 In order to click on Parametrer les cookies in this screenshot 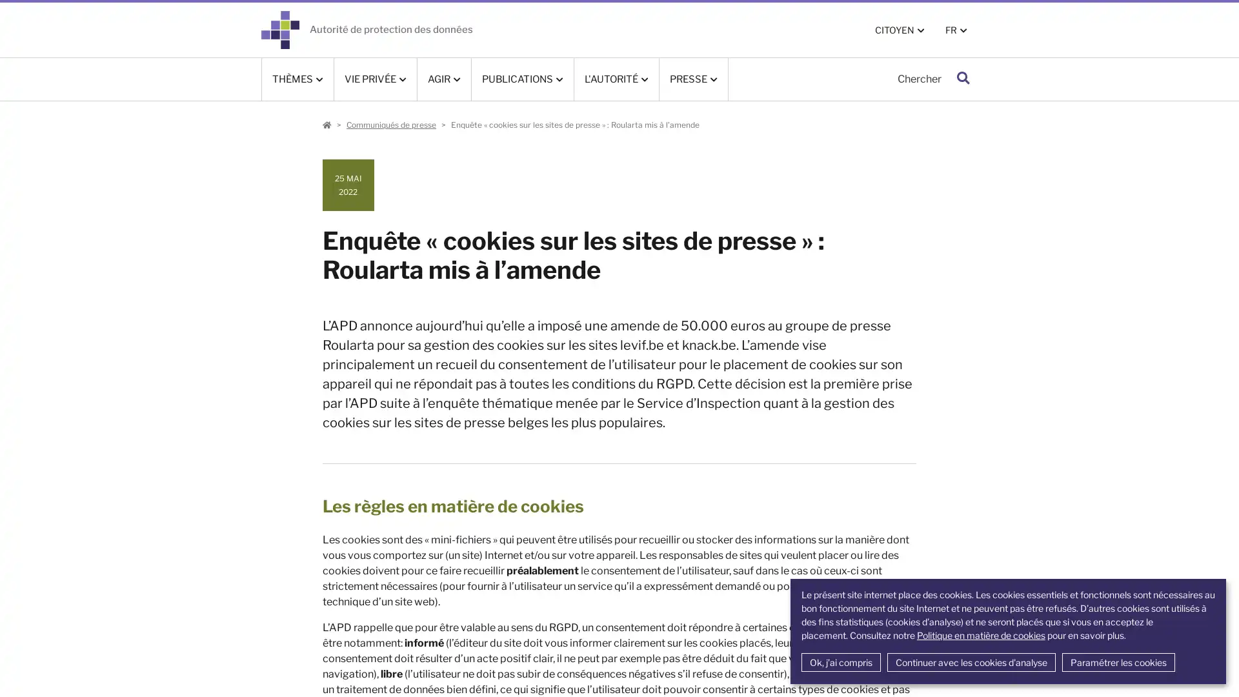, I will do `click(1117, 662)`.